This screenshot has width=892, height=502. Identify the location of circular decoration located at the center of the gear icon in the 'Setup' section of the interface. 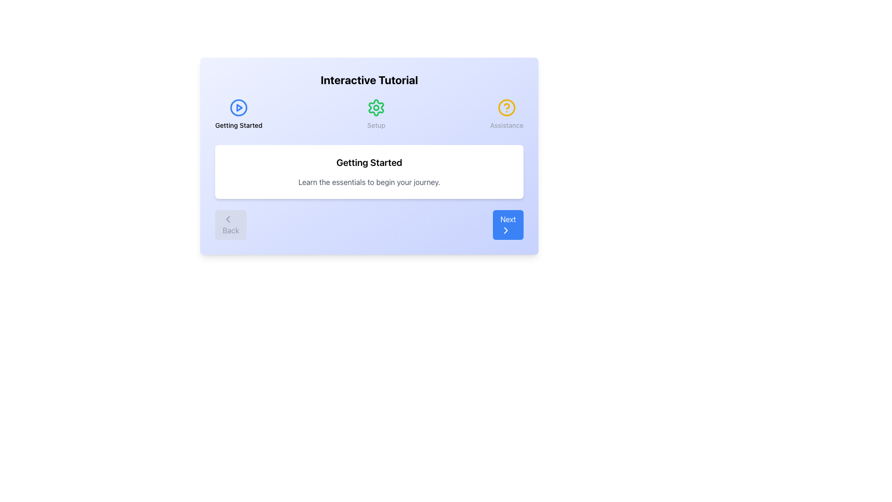
(376, 107).